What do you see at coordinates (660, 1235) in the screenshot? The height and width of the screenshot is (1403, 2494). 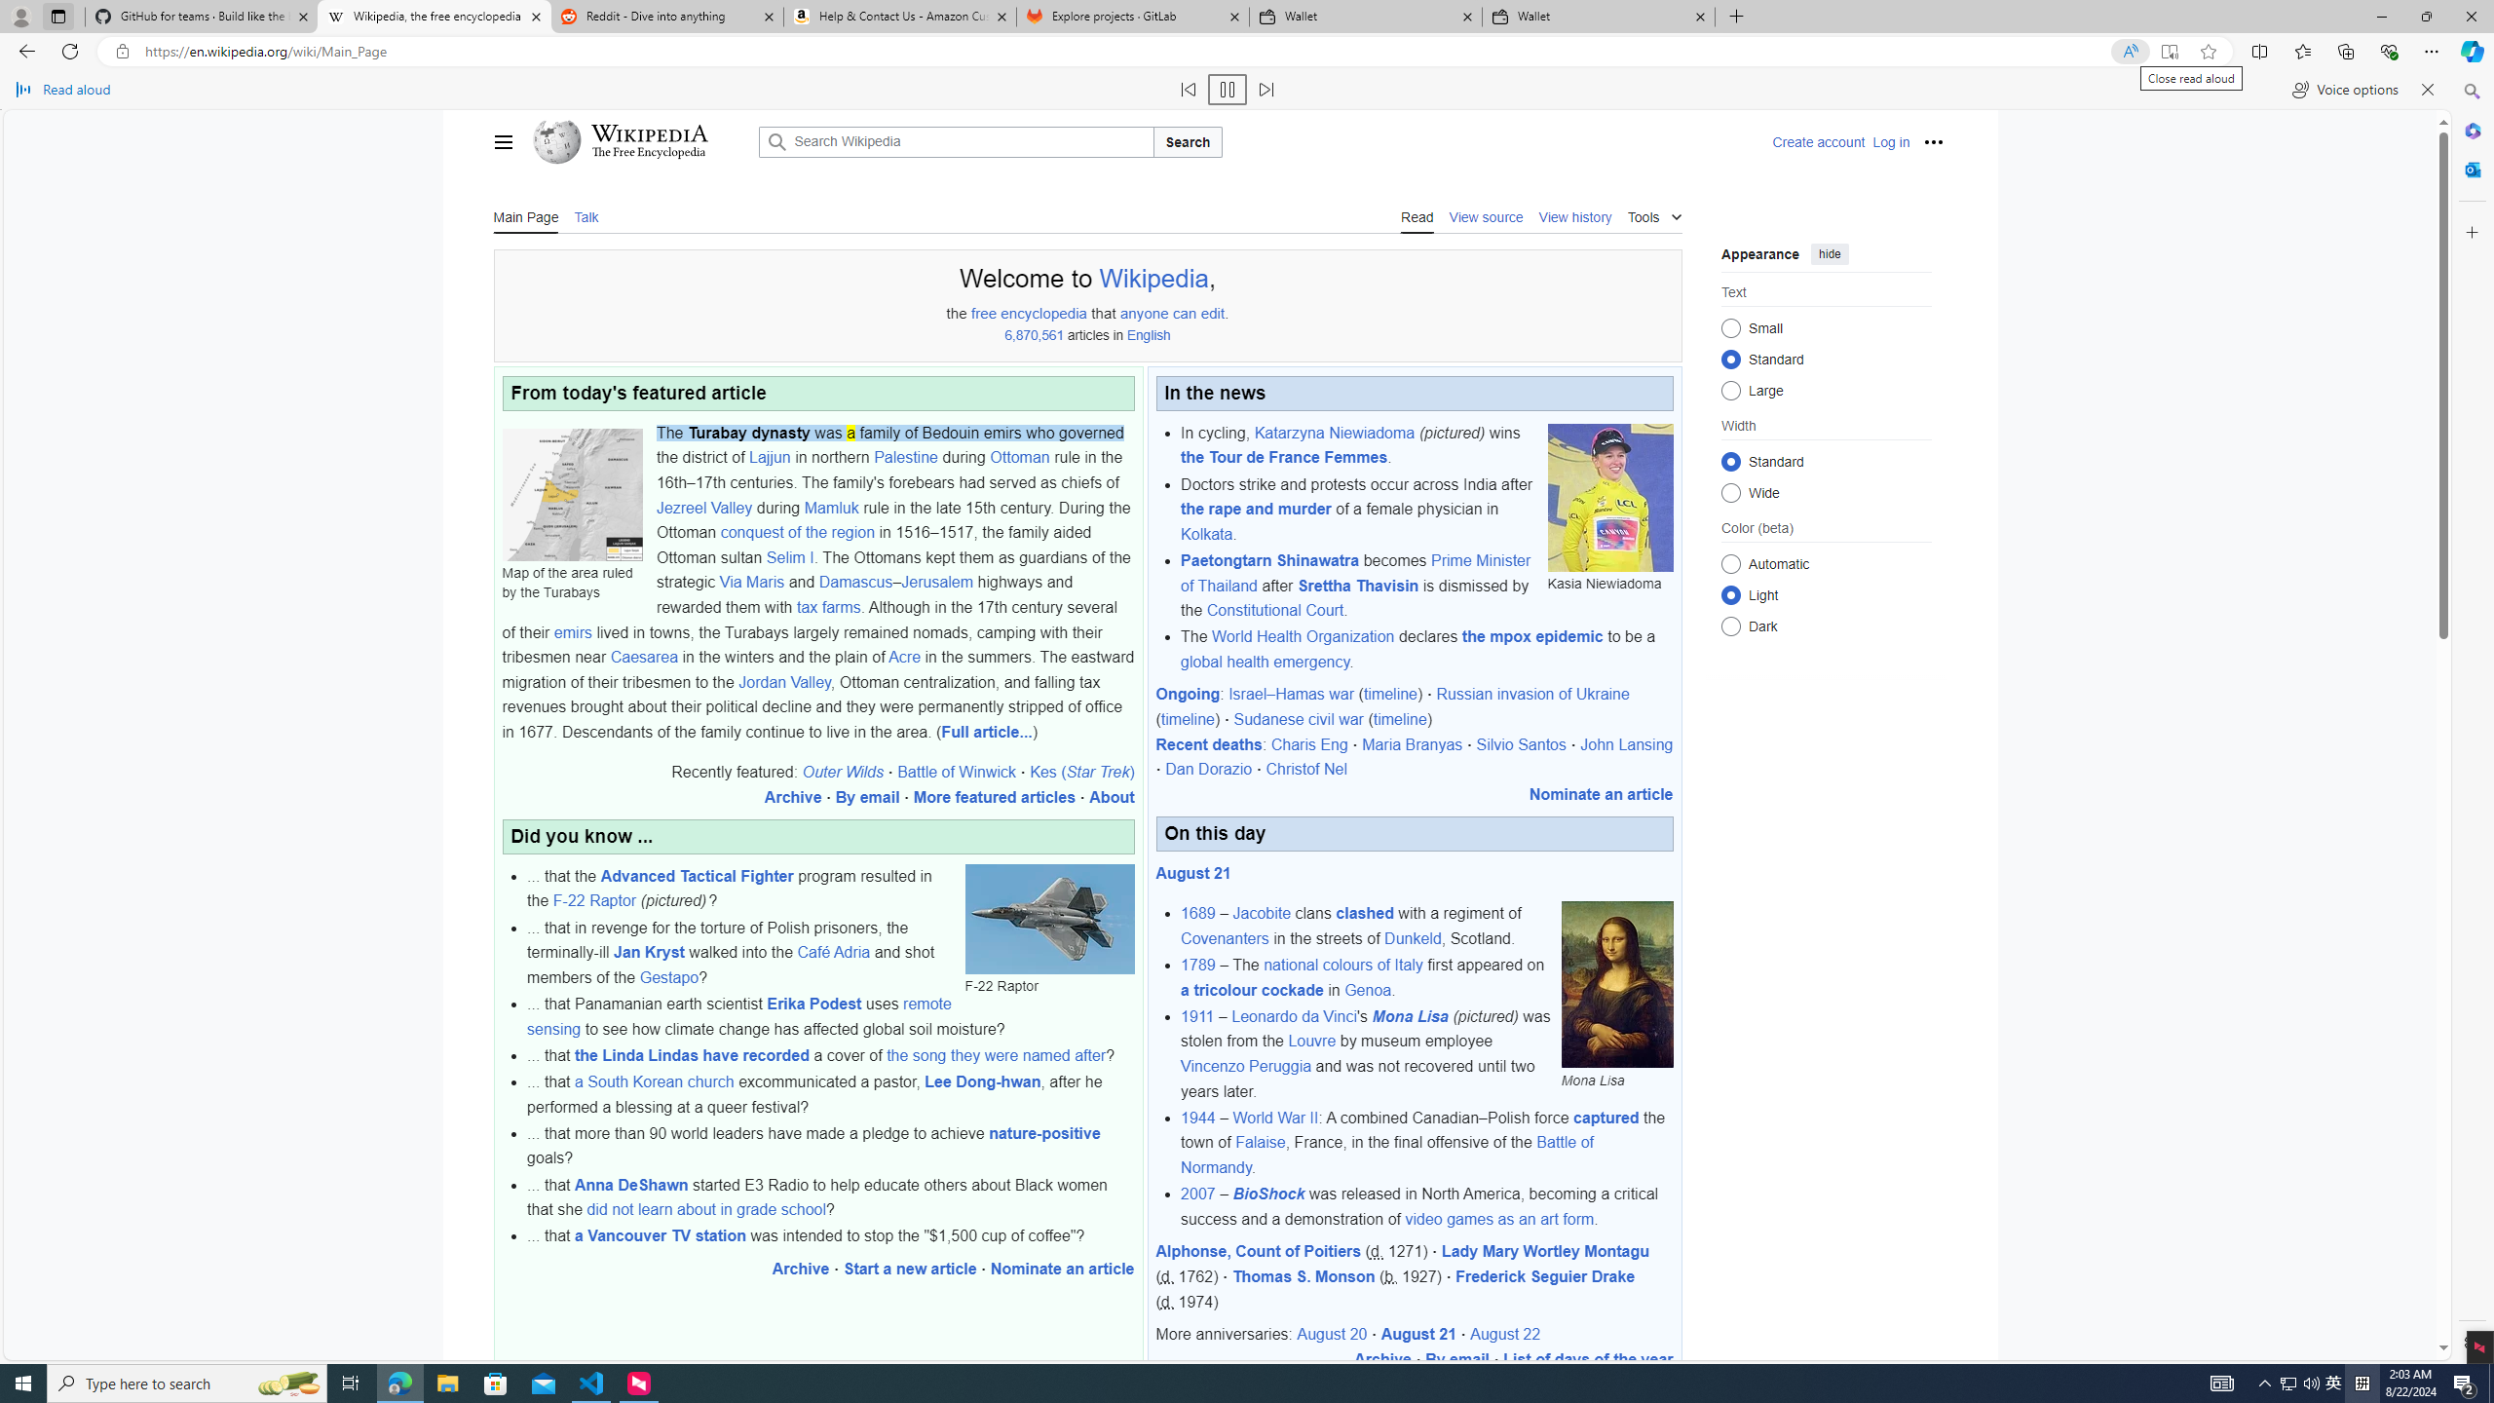 I see `'a Vancouver TV station'` at bounding box center [660, 1235].